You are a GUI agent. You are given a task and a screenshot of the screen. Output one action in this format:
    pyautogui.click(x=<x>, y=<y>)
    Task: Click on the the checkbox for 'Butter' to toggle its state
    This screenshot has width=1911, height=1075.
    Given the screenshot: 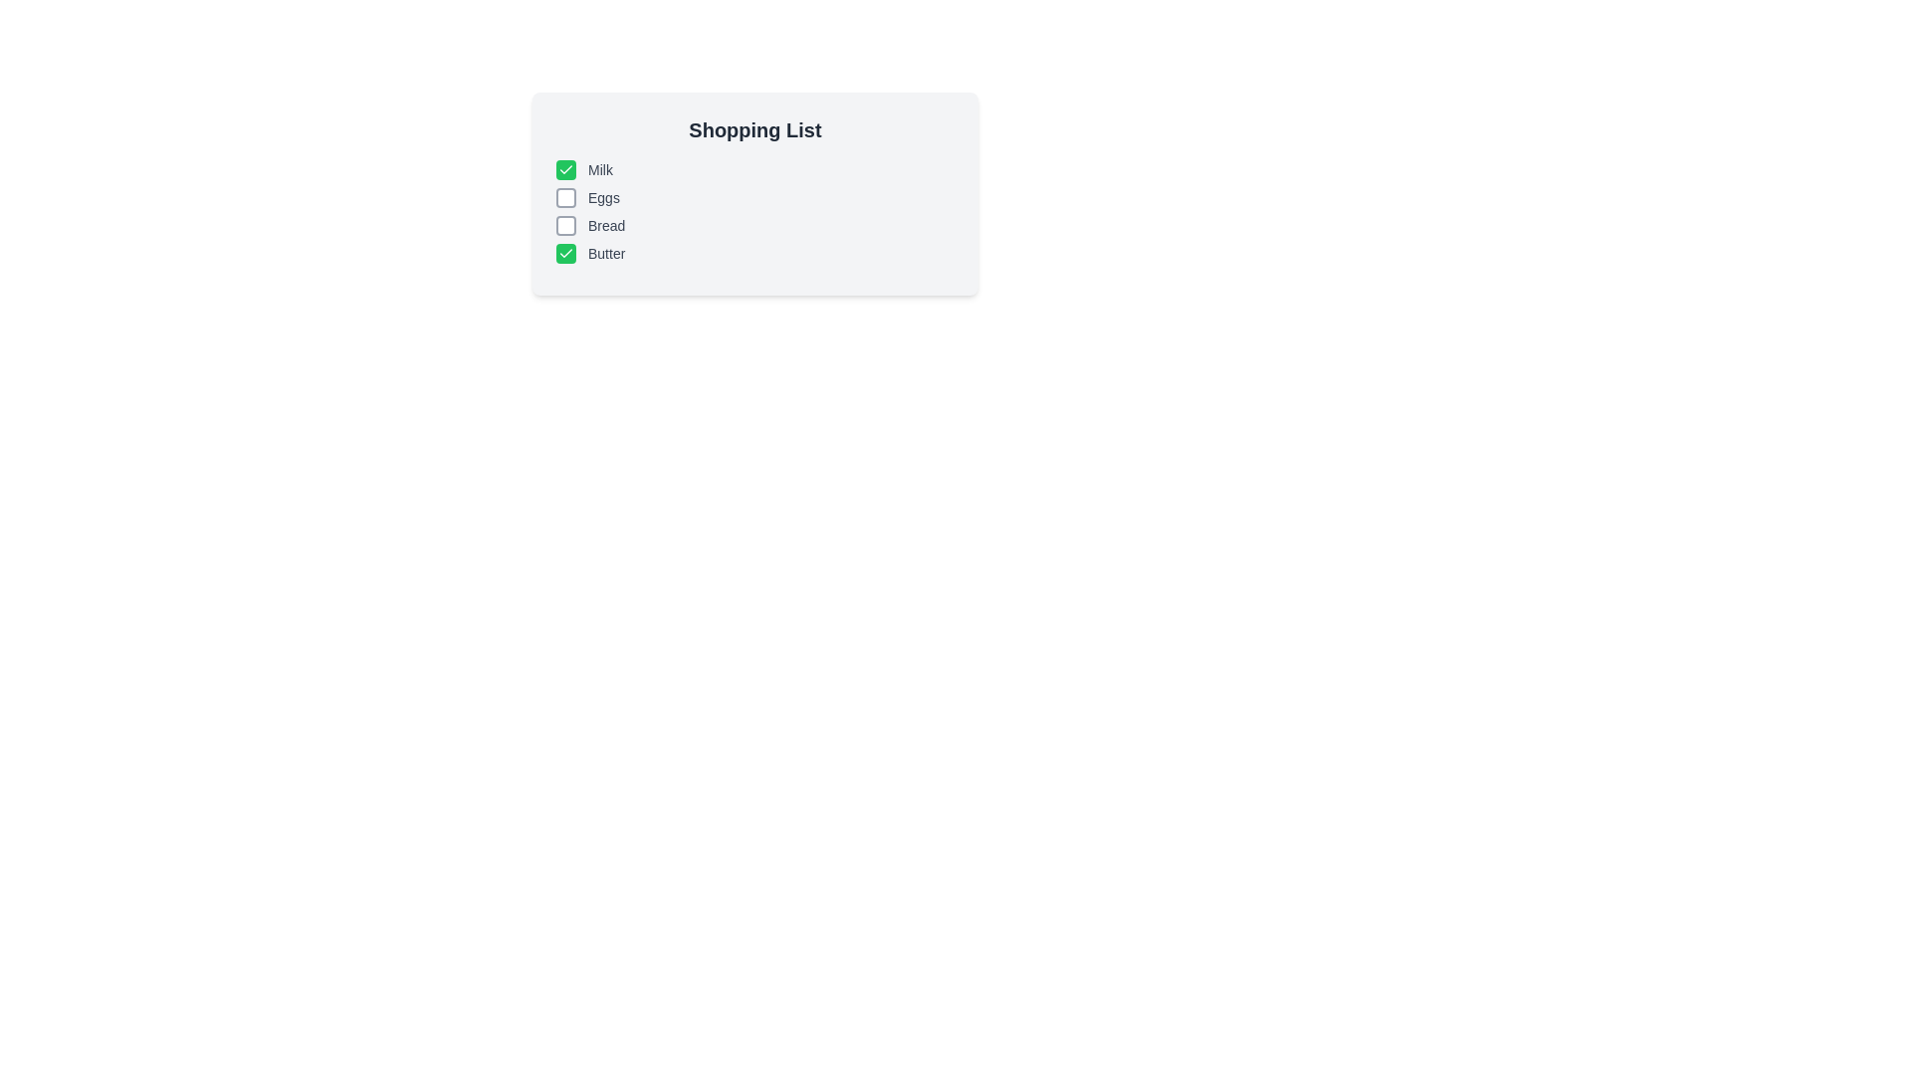 What is the action you would take?
    pyautogui.click(x=565, y=252)
    